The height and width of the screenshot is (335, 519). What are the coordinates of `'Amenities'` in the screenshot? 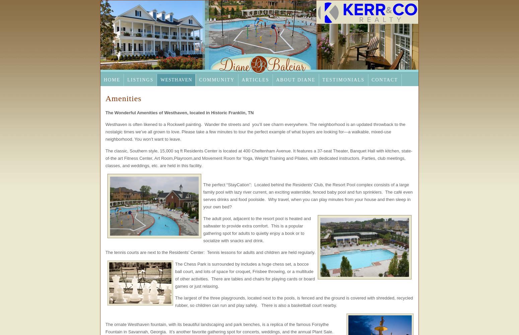 It's located at (105, 98).